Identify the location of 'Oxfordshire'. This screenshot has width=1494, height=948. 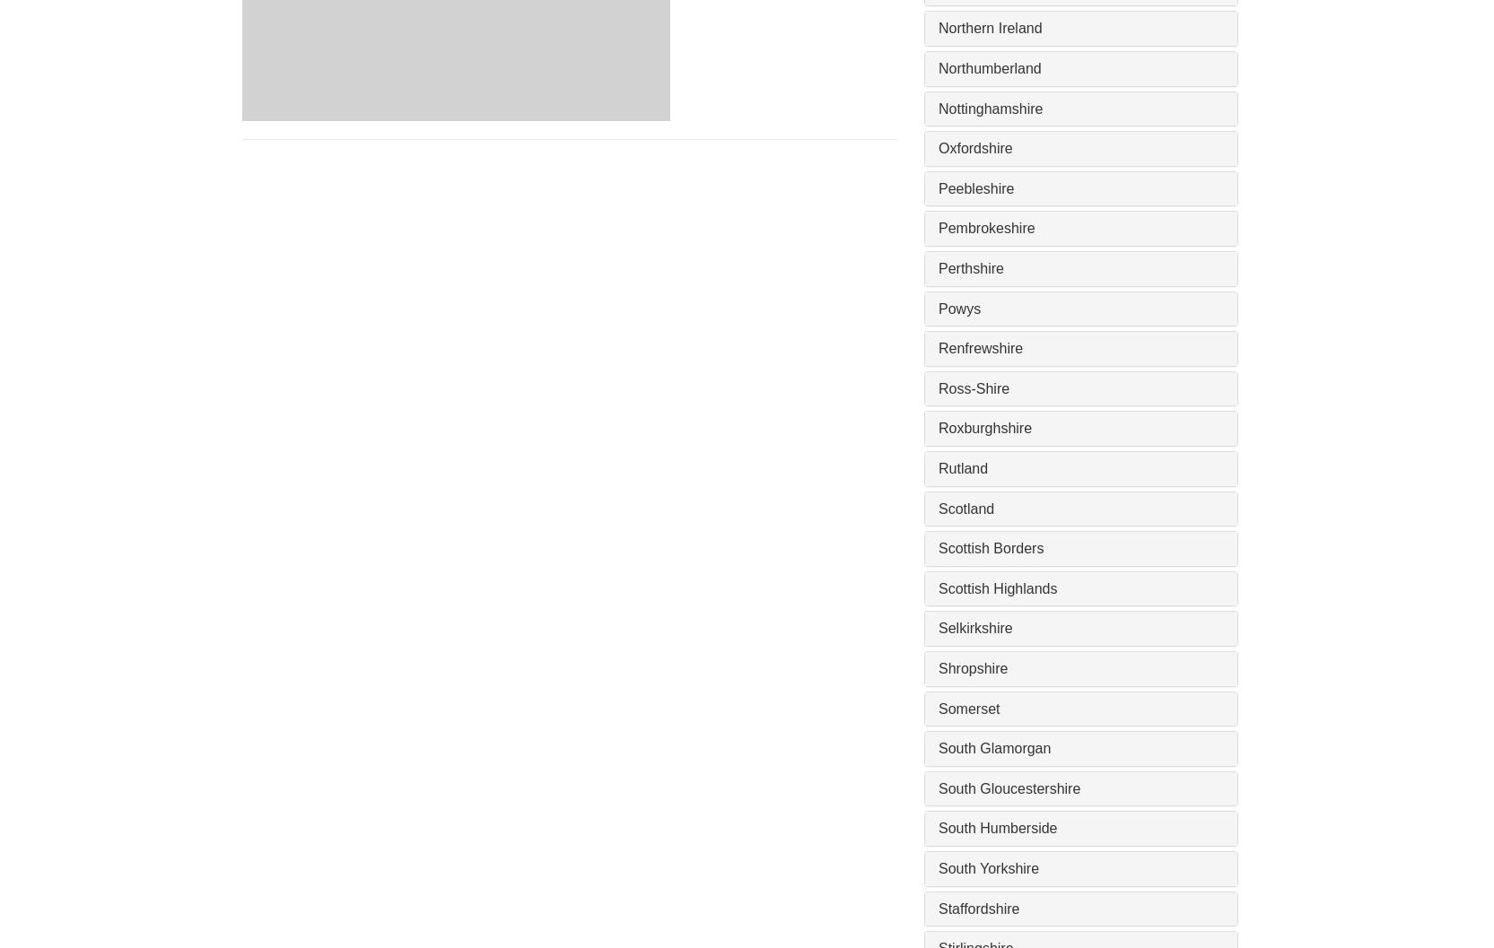
(937, 148).